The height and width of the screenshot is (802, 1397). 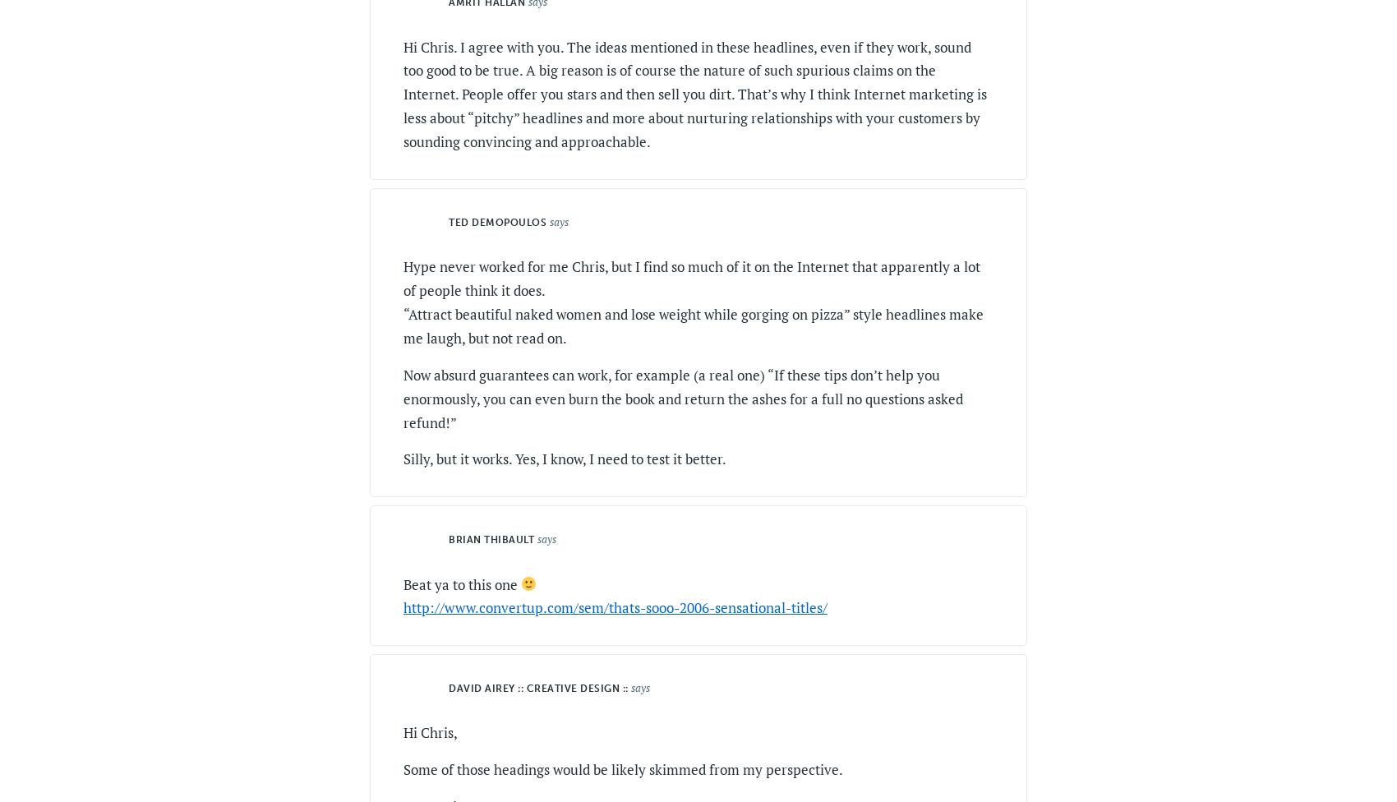 What do you see at coordinates (682, 397) in the screenshot?
I see `'Now absurd guarantees can work, for example (a real one) “If these tips don’t help you enormously, you can even burn the book and return the ashes for a full no questions asked refund!”'` at bounding box center [682, 397].